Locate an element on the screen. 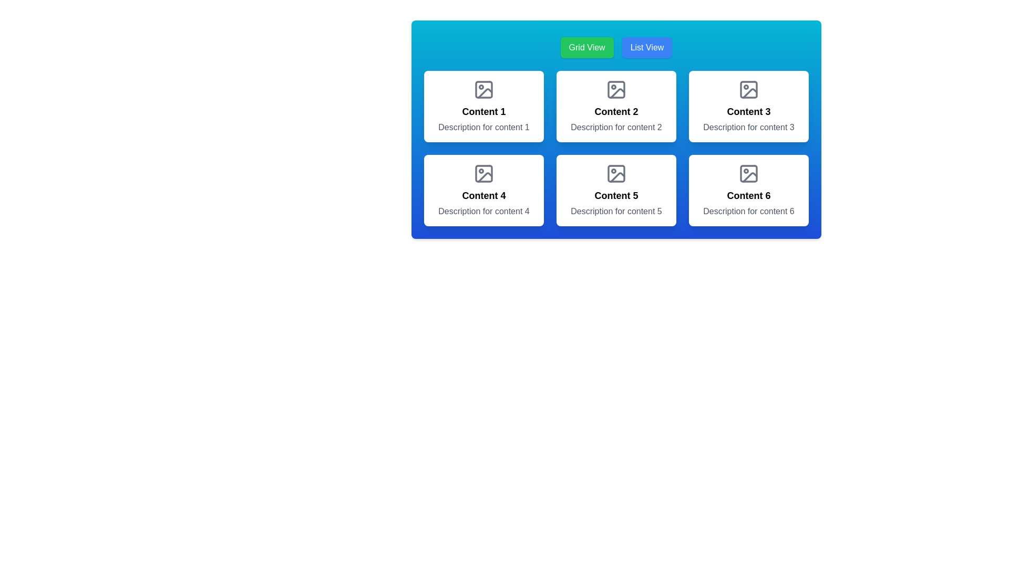  the 'Content 2' text label, which is styled with bold, large font size and is centered within a card-like structure located in the top-middle part of a 3x2 grid layout is located at coordinates (616, 111).